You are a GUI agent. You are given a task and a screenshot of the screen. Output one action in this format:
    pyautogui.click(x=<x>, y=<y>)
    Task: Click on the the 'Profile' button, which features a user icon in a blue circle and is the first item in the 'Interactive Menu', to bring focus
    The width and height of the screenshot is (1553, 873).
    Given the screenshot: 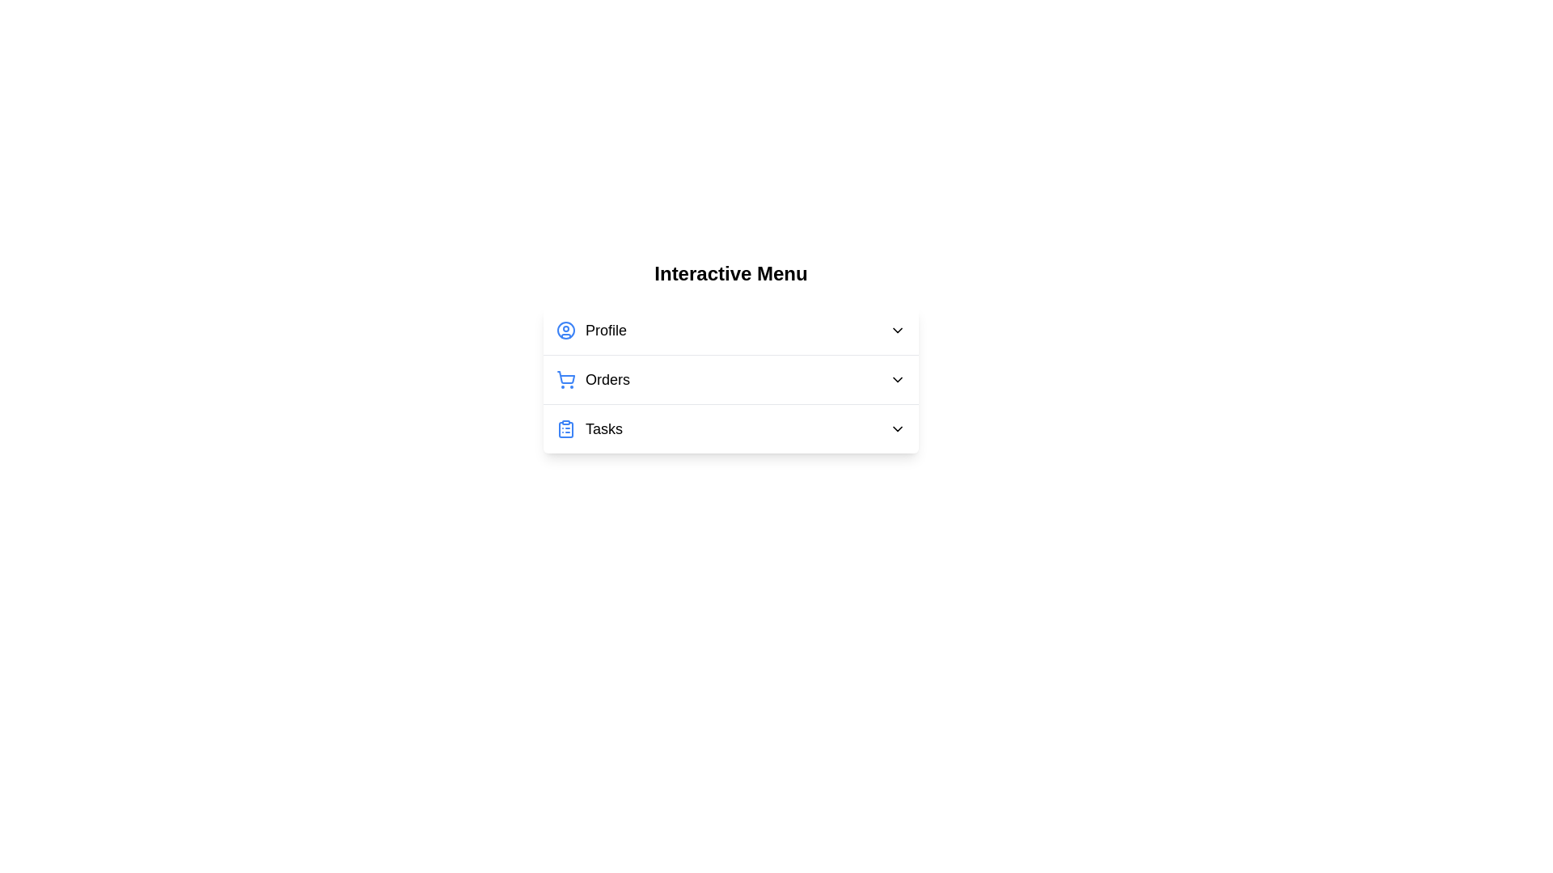 What is the action you would take?
    pyautogui.click(x=590, y=329)
    